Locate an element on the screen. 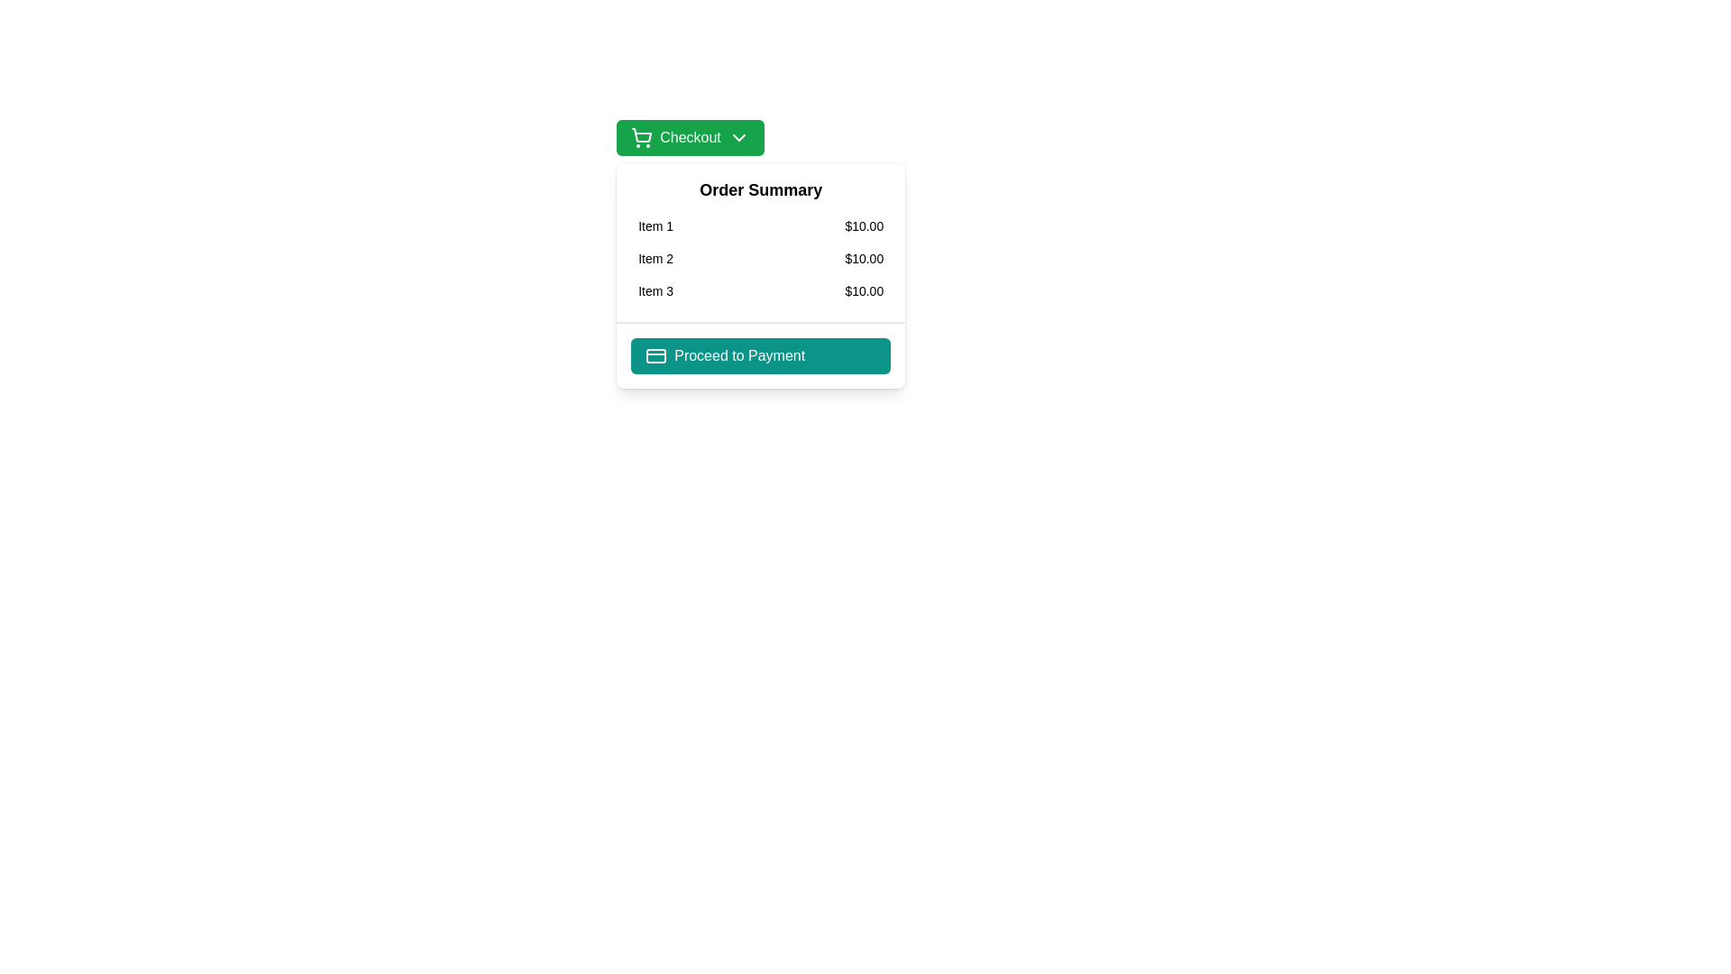 Image resolution: width=1731 pixels, height=974 pixels. the Text label in the 'Order Summary' section, which is positioned first in a list and directly to the left of the price '$10.00' is located at coordinates (655, 225).